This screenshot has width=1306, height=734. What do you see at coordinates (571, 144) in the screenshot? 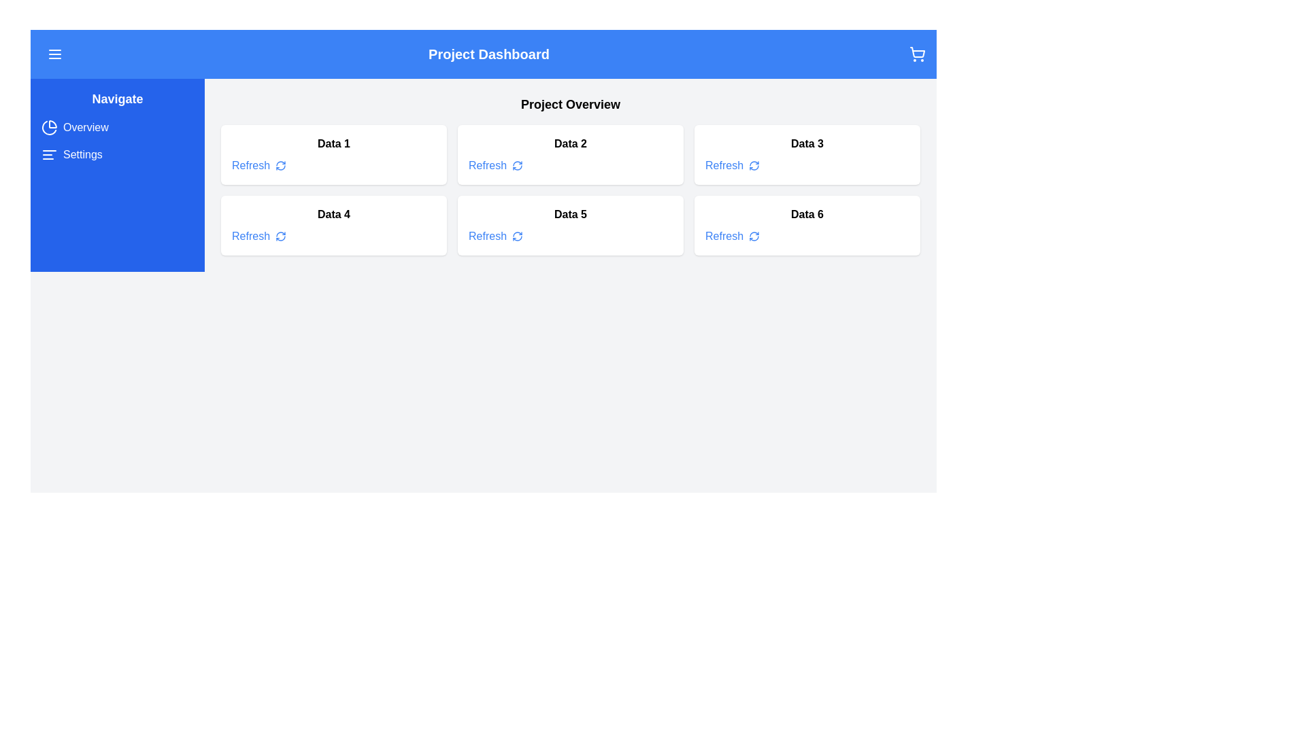
I see `the static text label displaying 'Data 2', which is styled with a bold font and is located in the first row and second column of a grid layout` at bounding box center [571, 144].